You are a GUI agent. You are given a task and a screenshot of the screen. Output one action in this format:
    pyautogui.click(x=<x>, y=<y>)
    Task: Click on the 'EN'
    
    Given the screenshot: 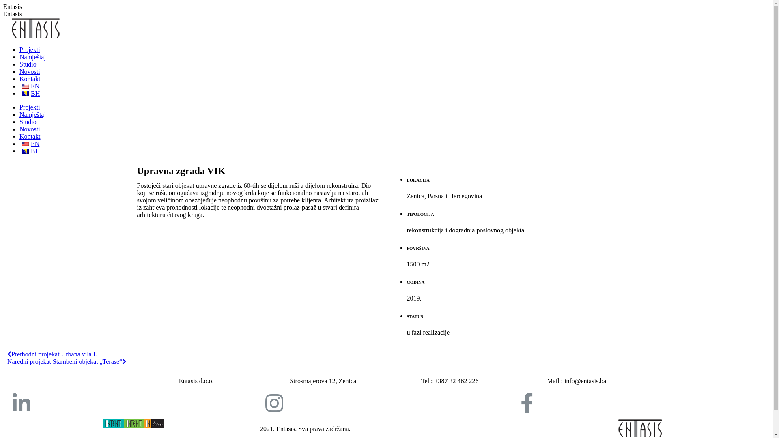 What is the action you would take?
    pyautogui.click(x=19, y=86)
    